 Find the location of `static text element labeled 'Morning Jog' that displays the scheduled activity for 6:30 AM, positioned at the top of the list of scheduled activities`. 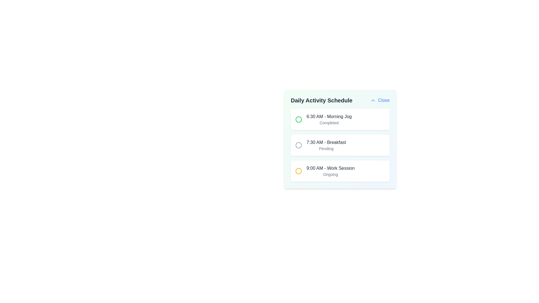

static text element labeled 'Morning Jog' that displays the scheduled activity for 6:30 AM, positioned at the top of the list of scheduled activities is located at coordinates (329, 116).